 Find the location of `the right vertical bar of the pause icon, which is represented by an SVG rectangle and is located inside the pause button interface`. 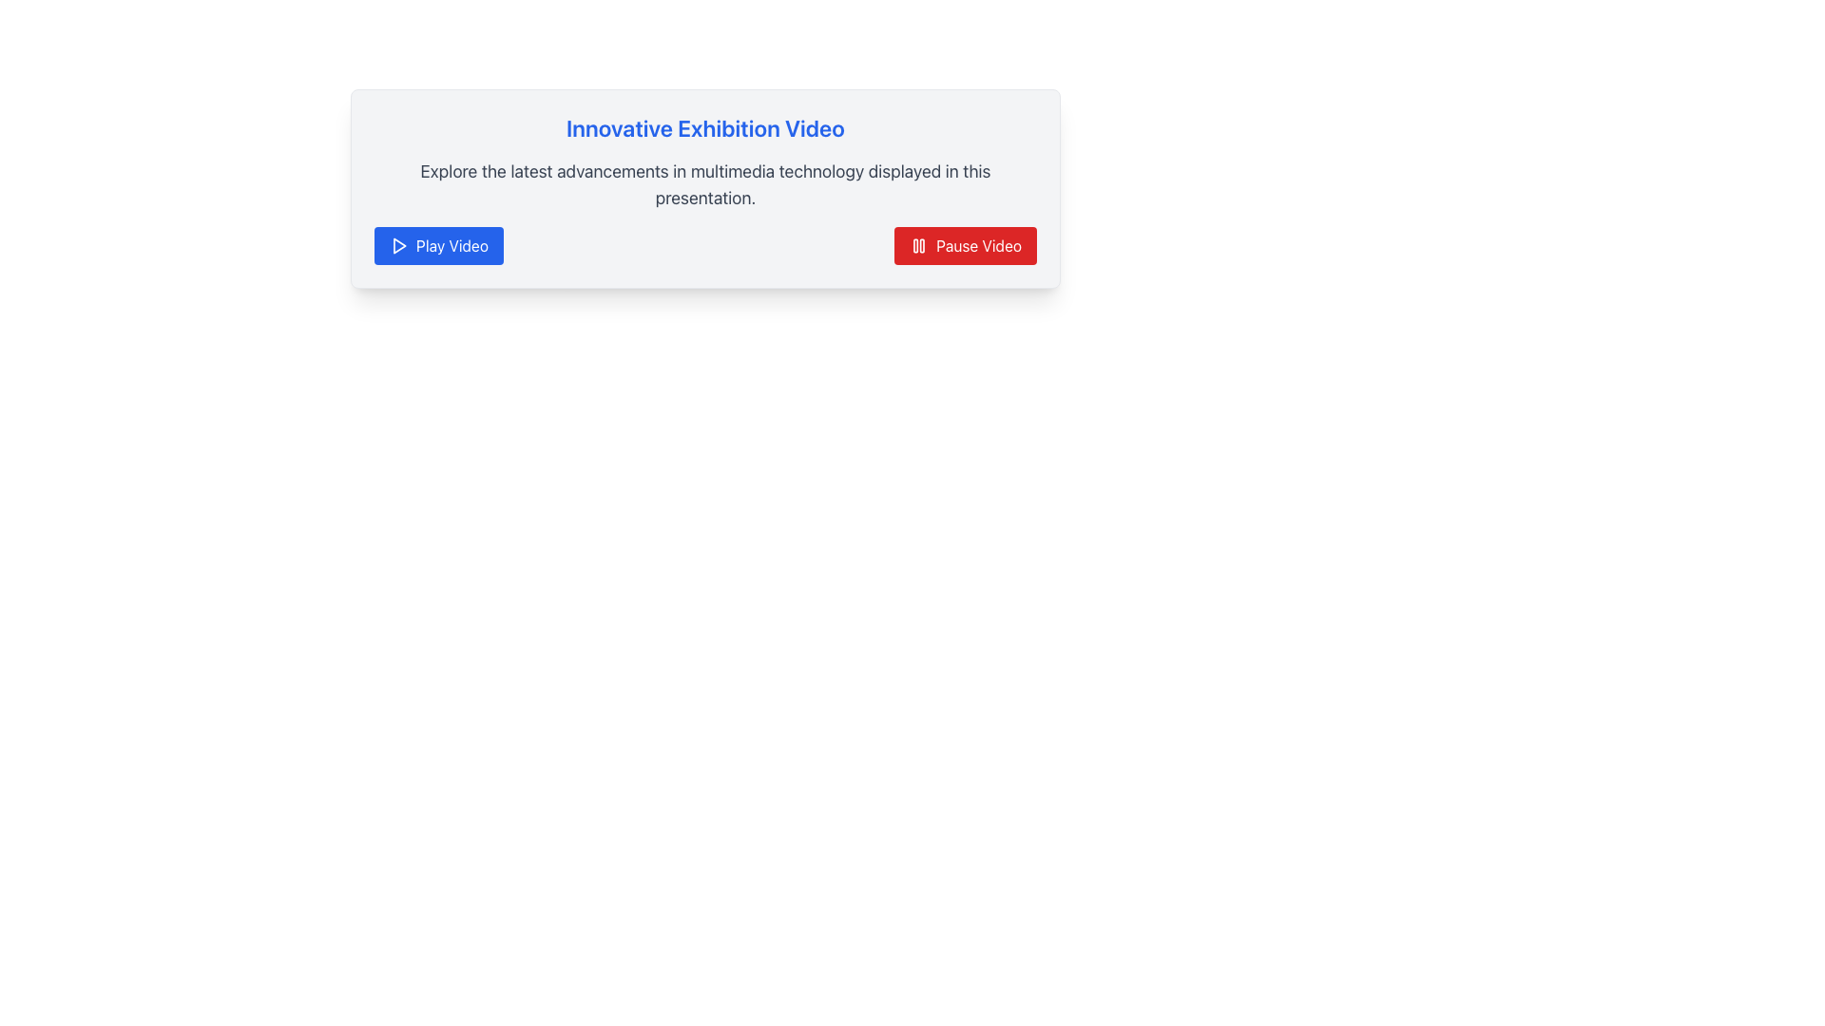

the right vertical bar of the pause icon, which is represented by an SVG rectangle and is located inside the pause button interface is located at coordinates (922, 244).